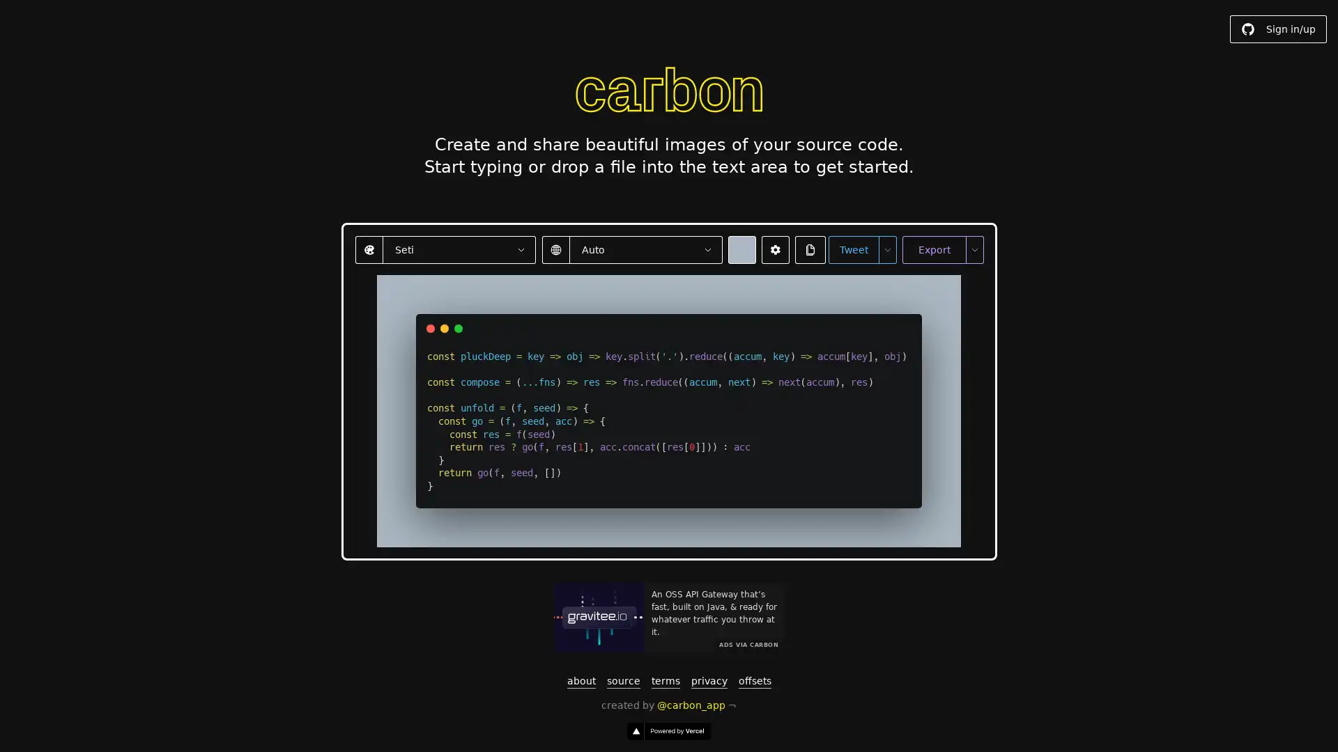 This screenshot has height=752, width=1338. Describe the element at coordinates (741, 249) in the screenshot. I see `Background Menu` at that location.